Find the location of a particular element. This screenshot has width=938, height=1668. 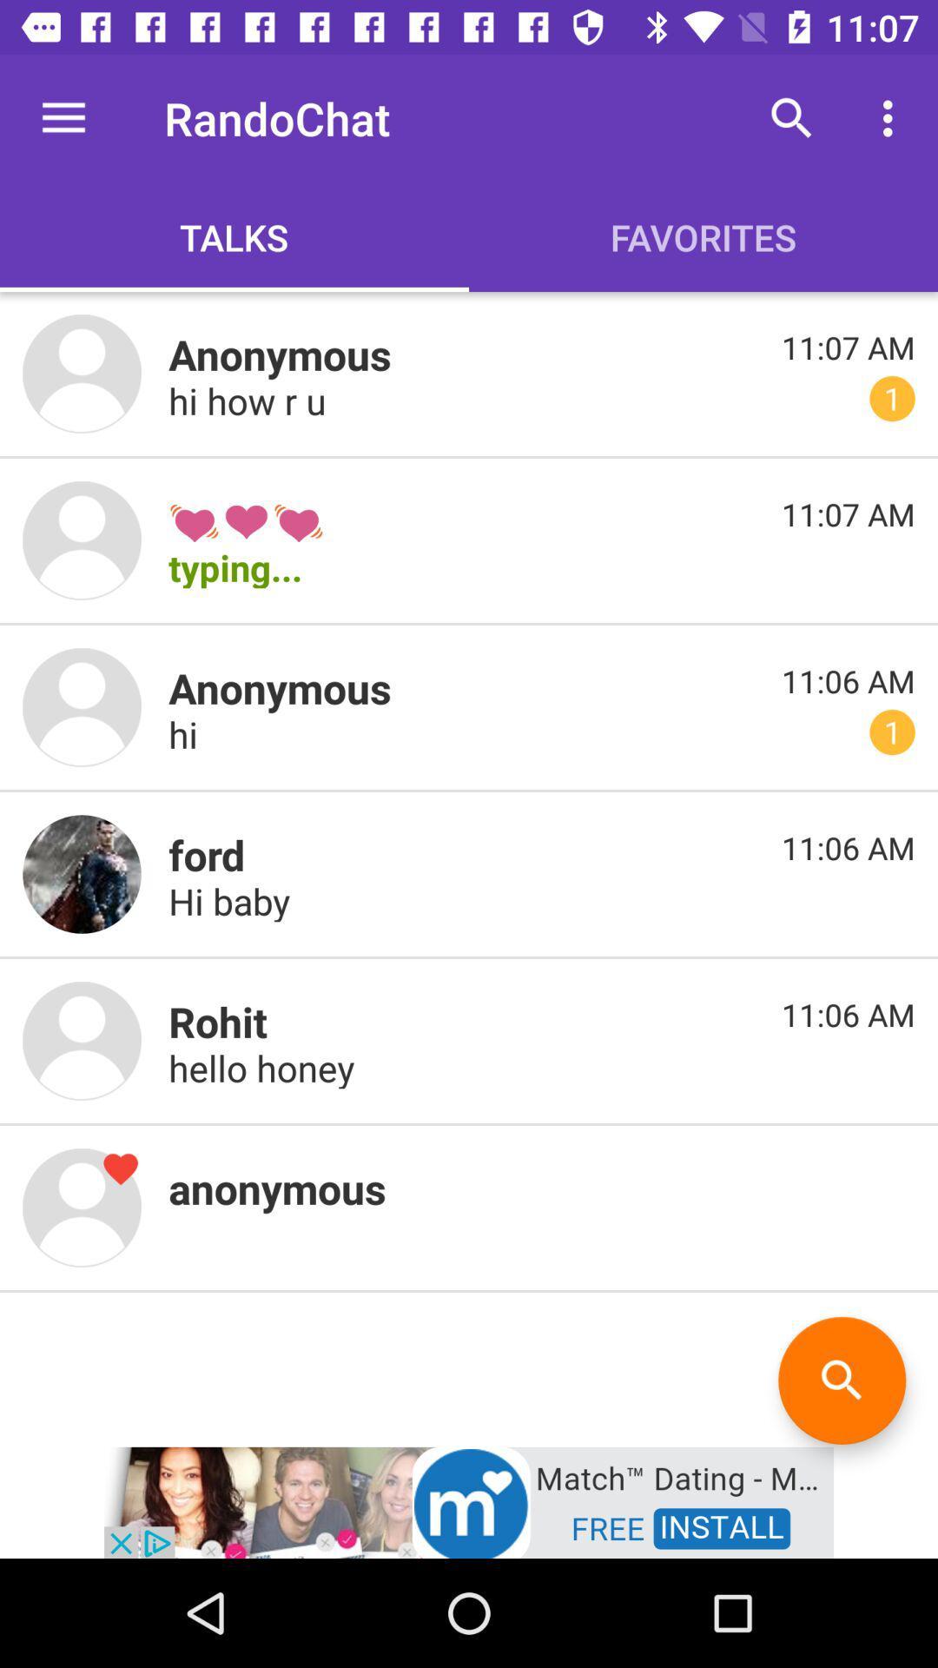

search is located at coordinates (841, 1380).